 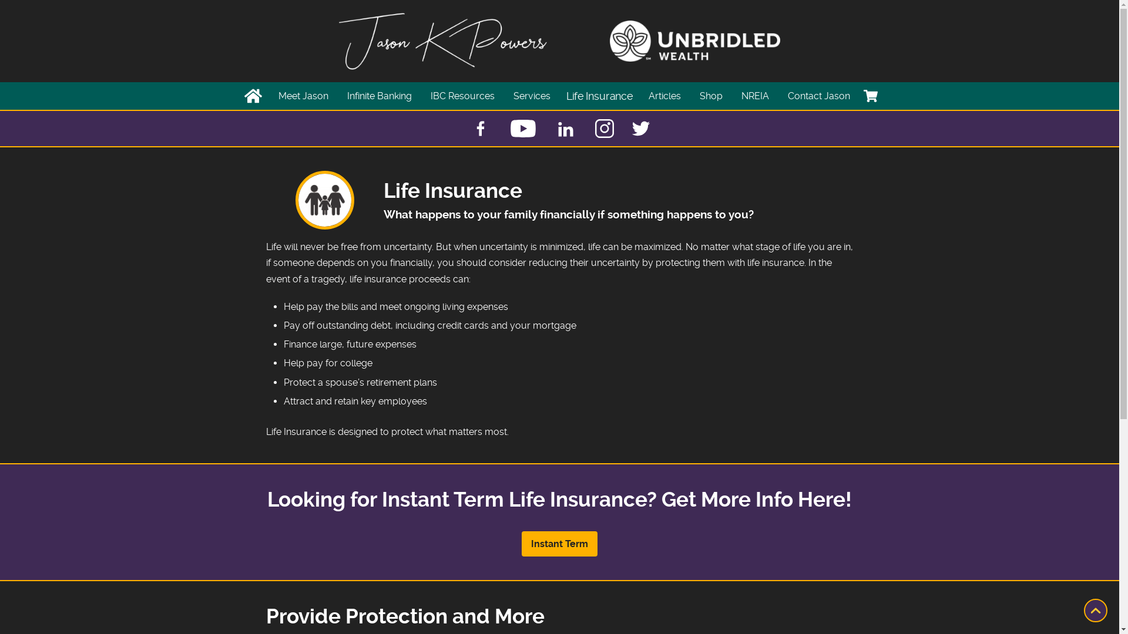 I want to click on 'Infinite Banking', so click(x=378, y=95).